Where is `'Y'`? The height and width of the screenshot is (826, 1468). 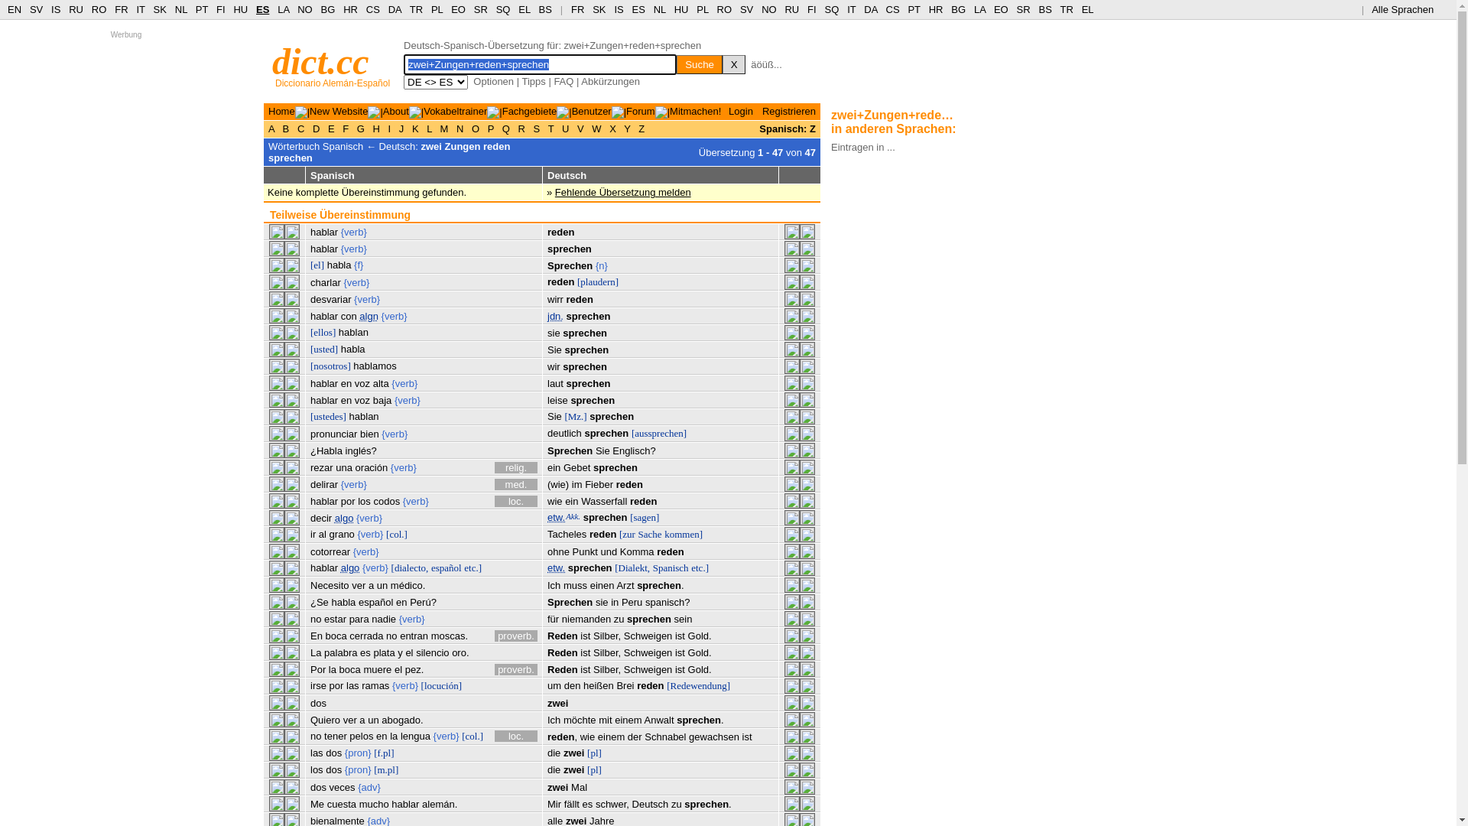
'Y' is located at coordinates (621, 128).